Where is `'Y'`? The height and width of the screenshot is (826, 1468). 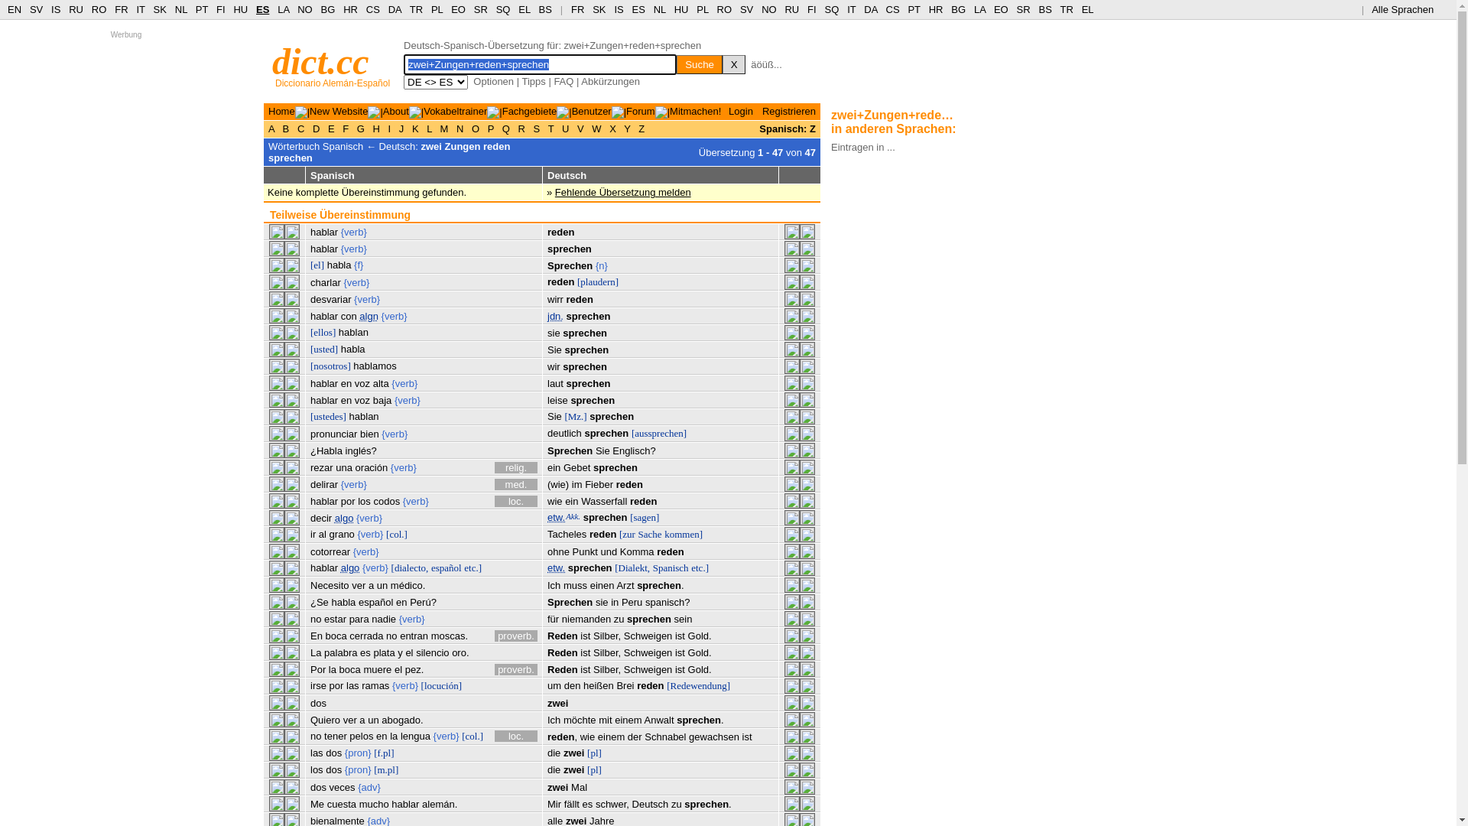
'Y' is located at coordinates (621, 128).